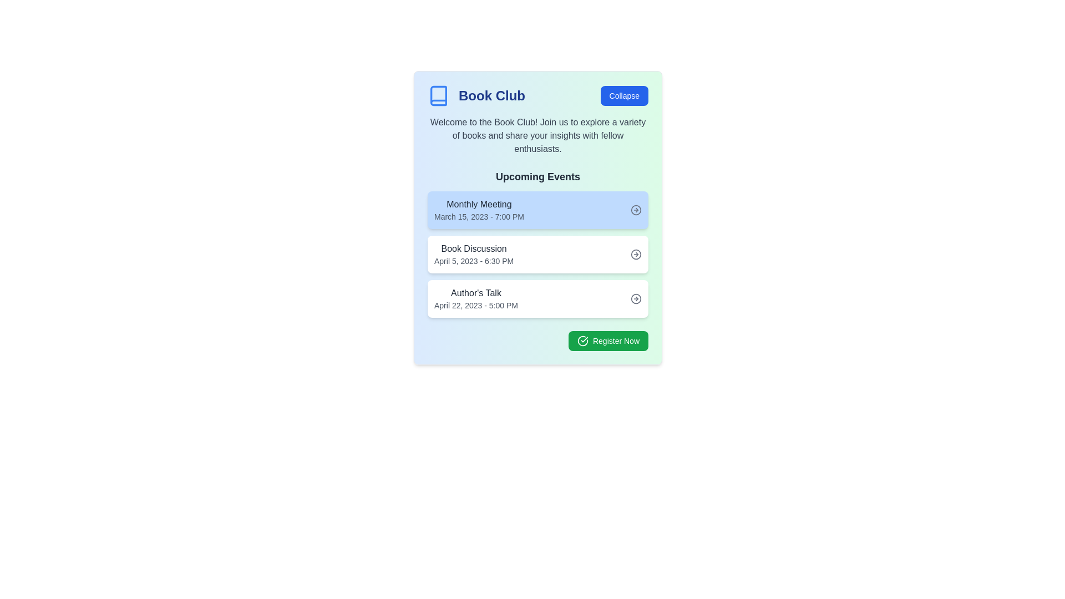 Image resolution: width=1065 pixels, height=599 pixels. What do you see at coordinates (636, 255) in the screenshot?
I see `the rightward-pointing arrow icon encased within a circular outline, which is styled in gray and located to the far right of the 'Book Discussion' text for navigation` at bounding box center [636, 255].